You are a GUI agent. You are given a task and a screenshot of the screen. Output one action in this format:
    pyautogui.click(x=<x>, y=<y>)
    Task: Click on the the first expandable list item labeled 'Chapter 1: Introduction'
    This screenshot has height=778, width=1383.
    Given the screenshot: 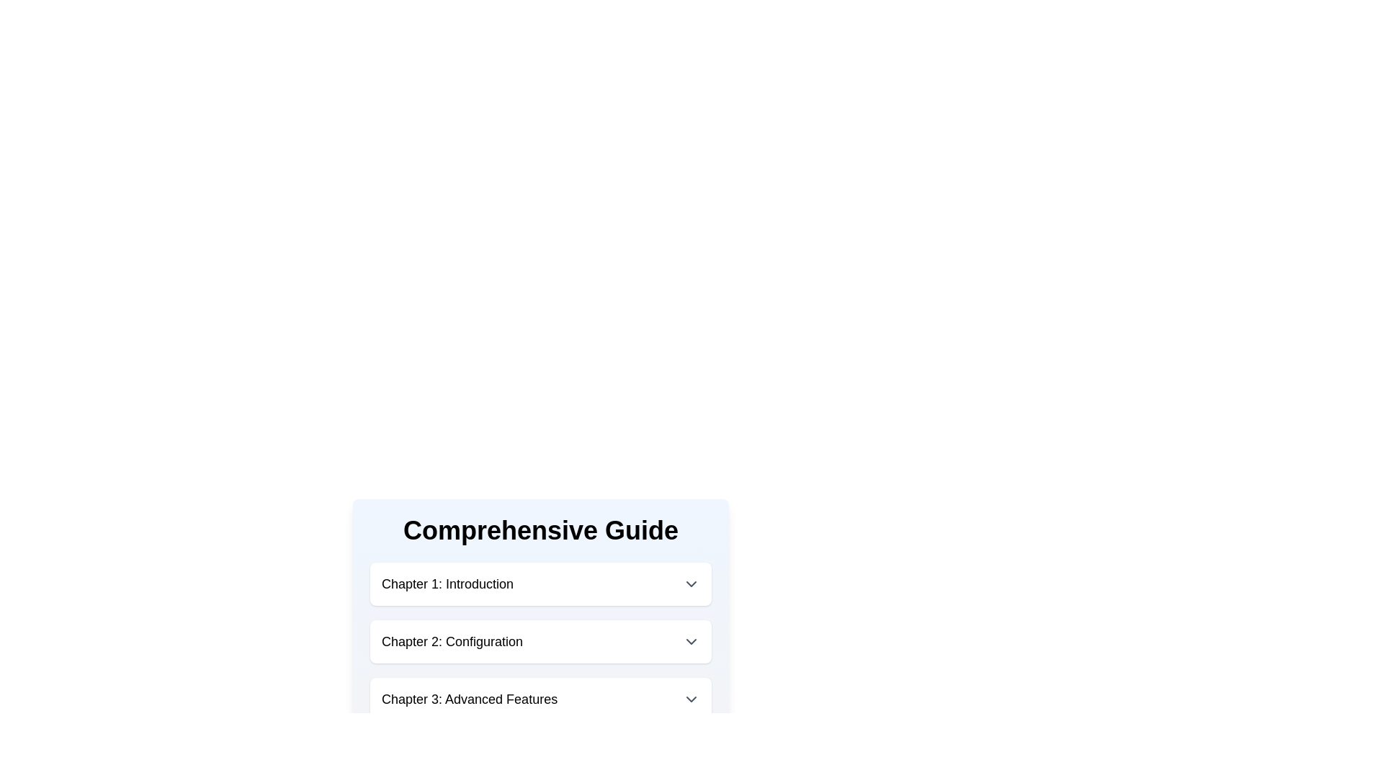 What is the action you would take?
    pyautogui.click(x=540, y=583)
    